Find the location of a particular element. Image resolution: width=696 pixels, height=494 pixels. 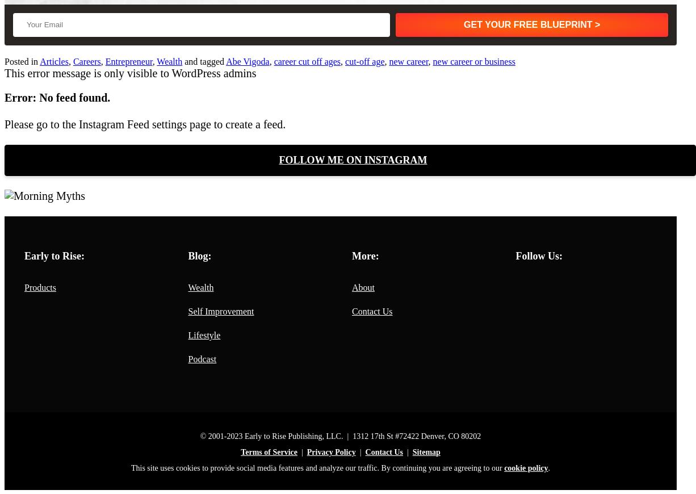

'career cut off ages' is located at coordinates (307, 61).